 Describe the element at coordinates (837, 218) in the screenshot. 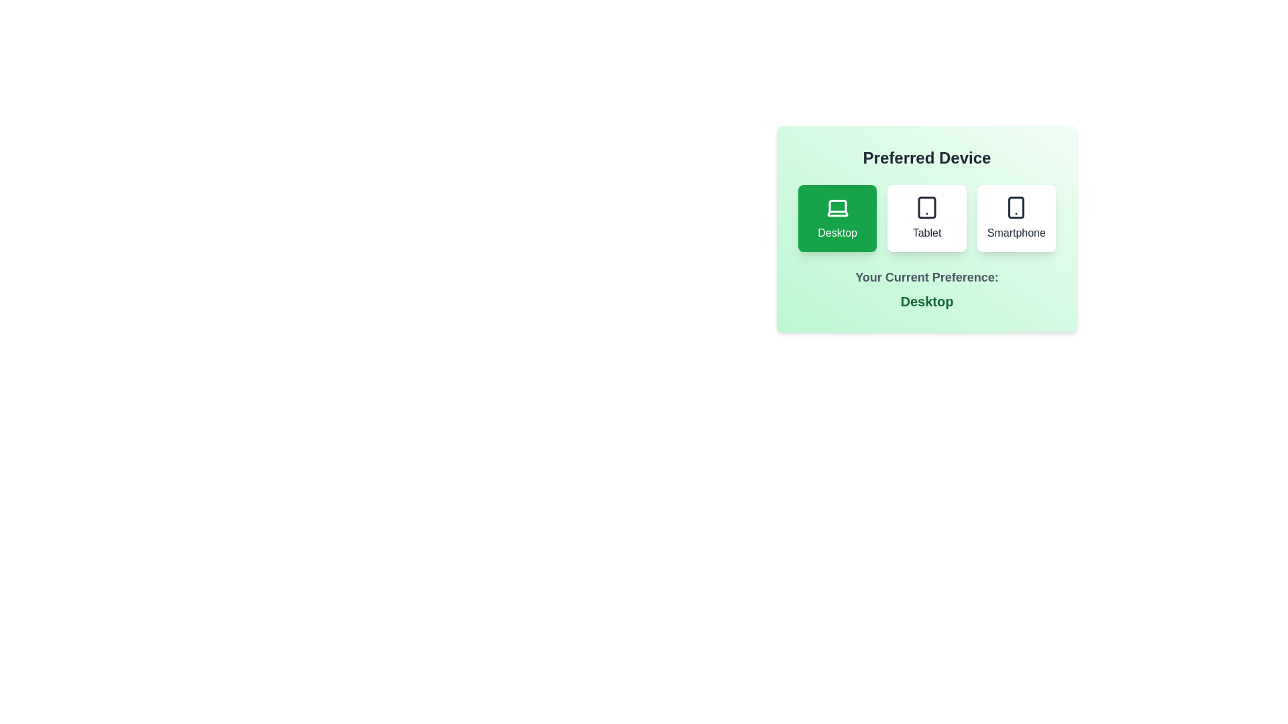

I see `the button corresponding to the device Desktop` at that location.